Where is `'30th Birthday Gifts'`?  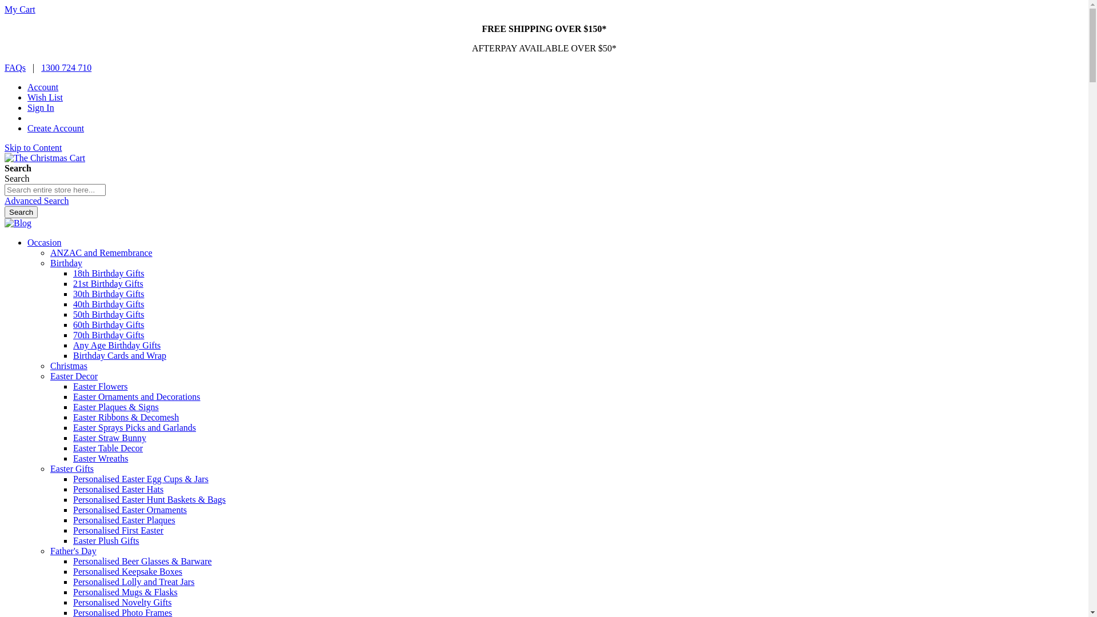 '30th Birthday Gifts' is located at coordinates (109, 293).